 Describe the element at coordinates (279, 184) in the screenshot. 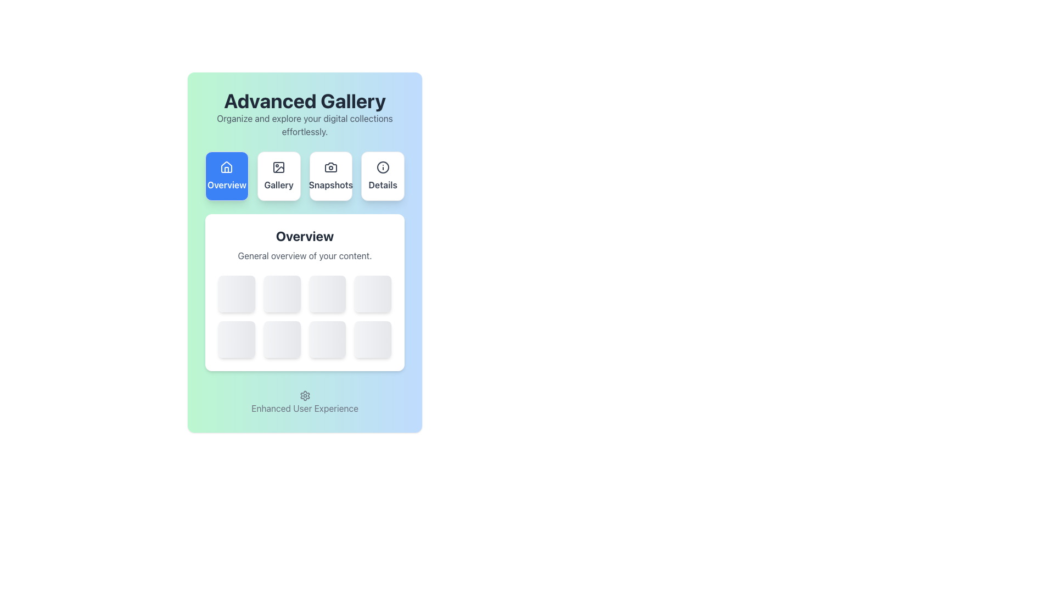

I see `the 'Gallery' static text label, which indicates its purpose to navigate to the gallery feature of the application, located at the bottom center of the rounded rectangular button in the horizontal row of buttons` at that location.